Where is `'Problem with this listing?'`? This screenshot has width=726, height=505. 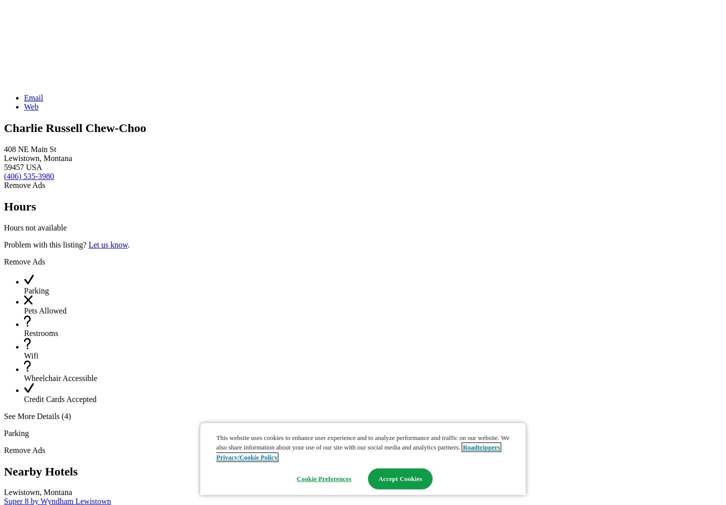 'Problem with this listing?' is located at coordinates (46, 244).